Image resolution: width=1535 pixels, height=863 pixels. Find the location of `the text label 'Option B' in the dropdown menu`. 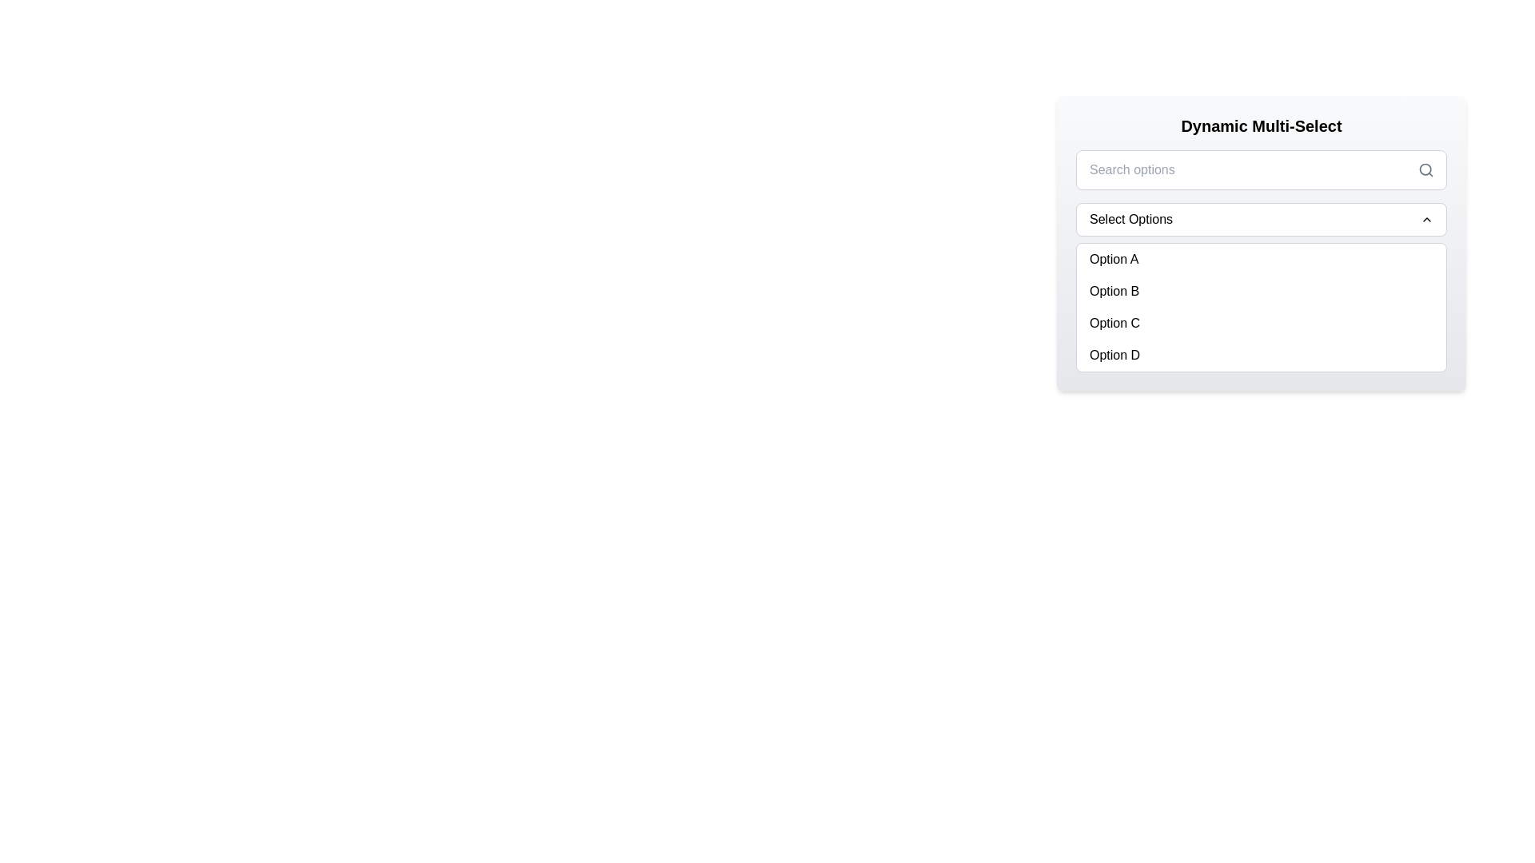

the text label 'Option B' in the dropdown menu is located at coordinates (1113, 292).